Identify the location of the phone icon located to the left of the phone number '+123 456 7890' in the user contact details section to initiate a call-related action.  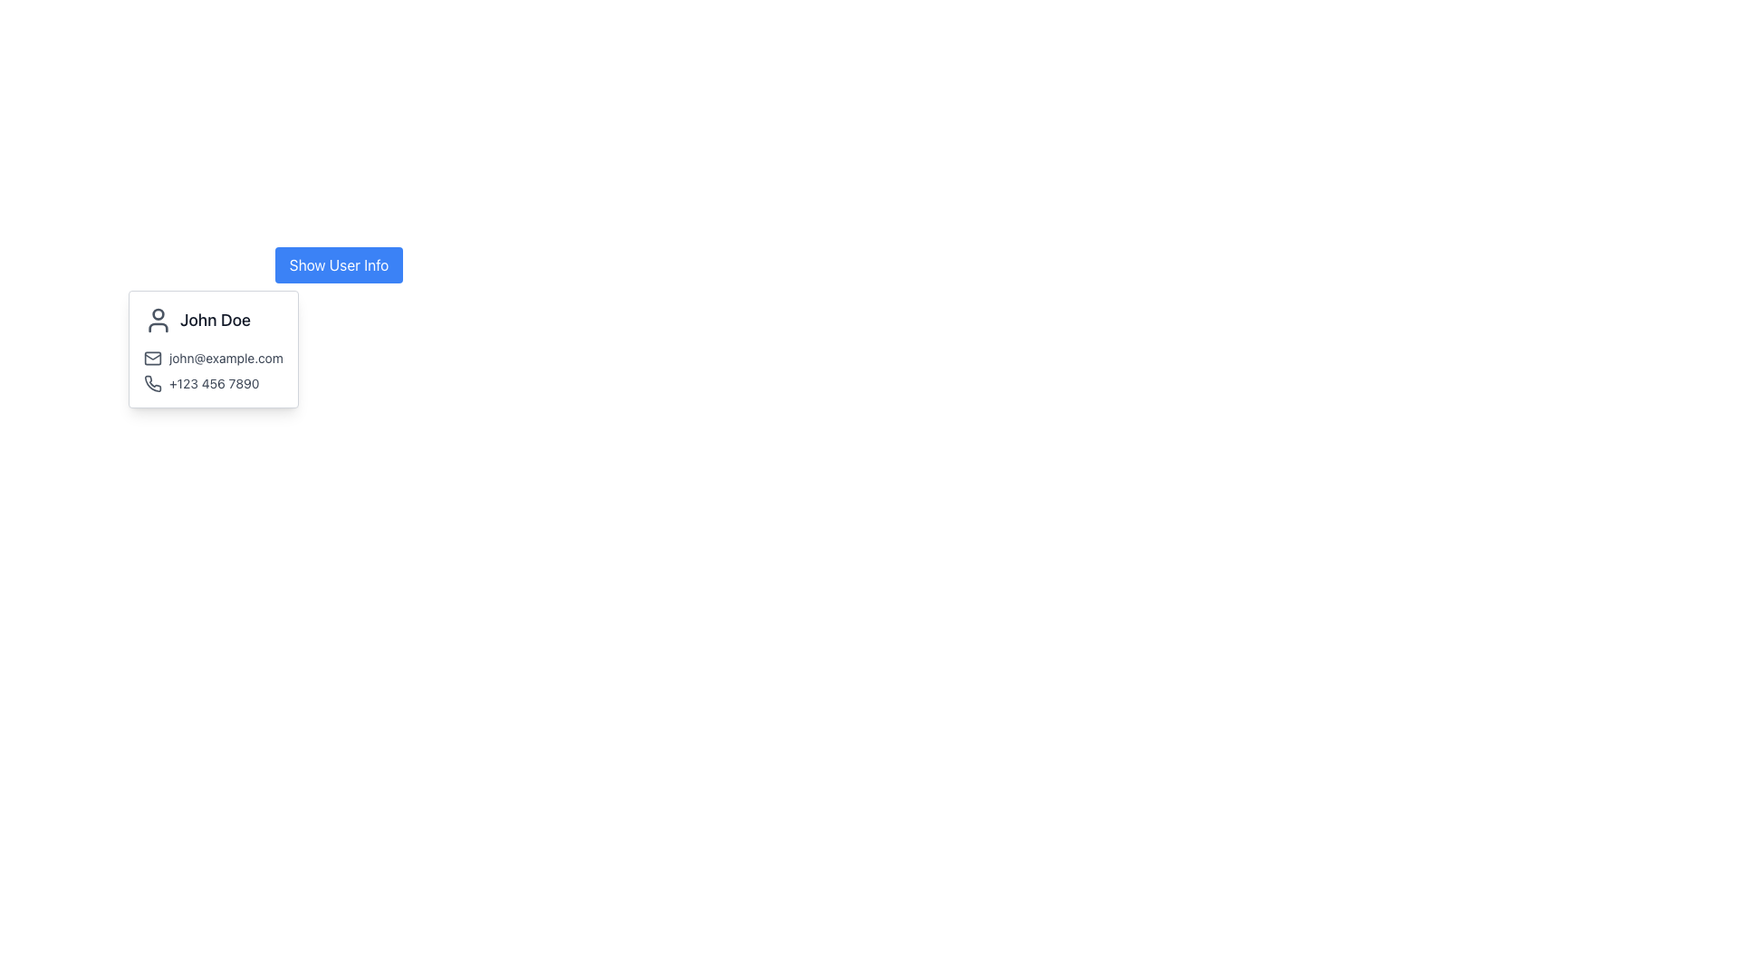
(152, 383).